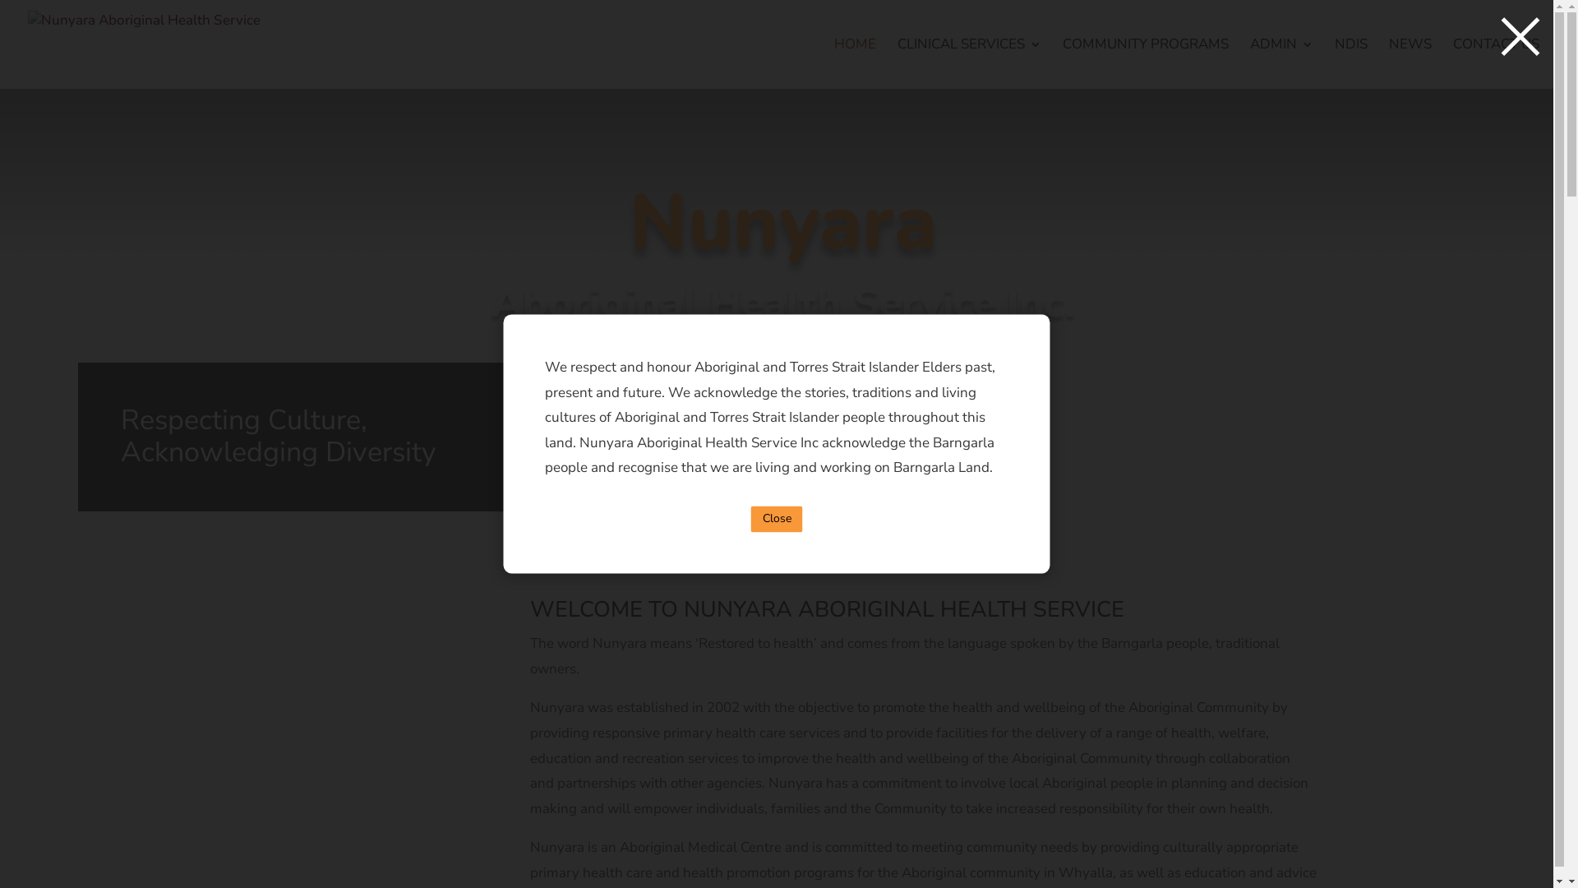 The height and width of the screenshot is (888, 1578). Describe the element at coordinates (1280, 62) in the screenshot. I see `'ADMIN'` at that location.